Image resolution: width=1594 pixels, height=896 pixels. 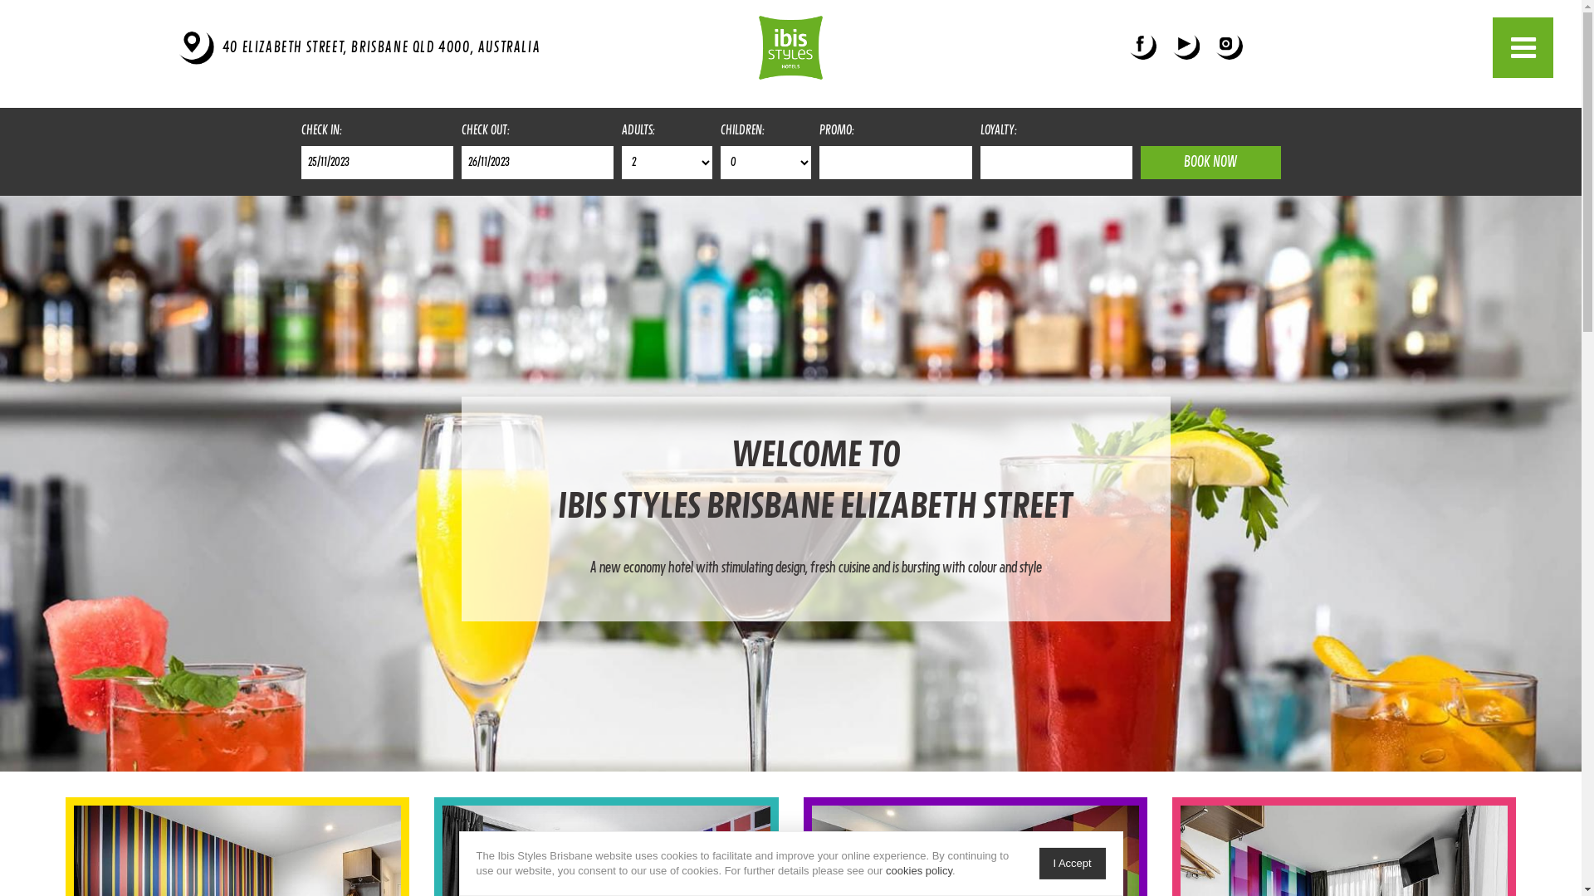 What do you see at coordinates (918, 869) in the screenshot?
I see `'cookies policy'` at bounding box center [918, 869].